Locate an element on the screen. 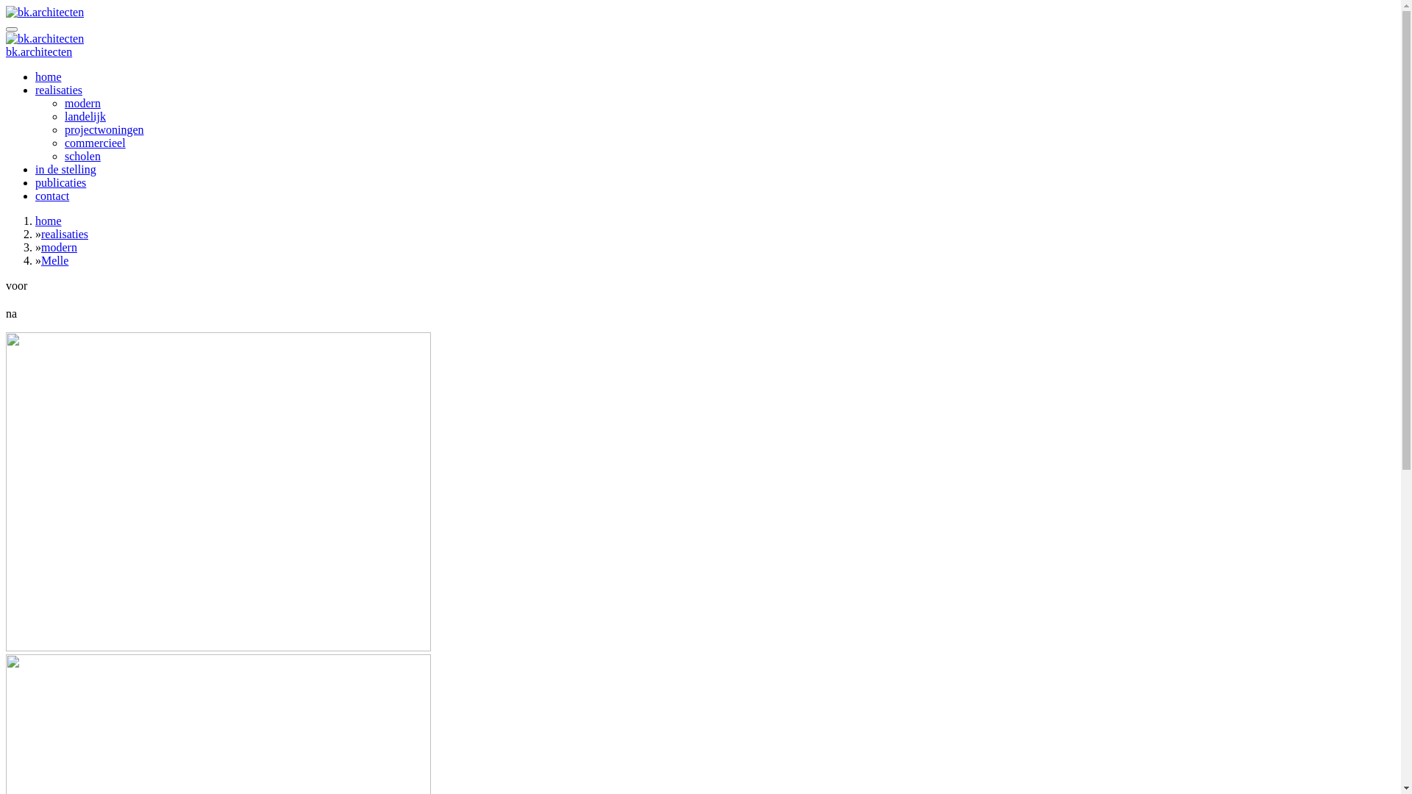 The image size is (1412, 794). 'home' is located at coordinates (49, 76).